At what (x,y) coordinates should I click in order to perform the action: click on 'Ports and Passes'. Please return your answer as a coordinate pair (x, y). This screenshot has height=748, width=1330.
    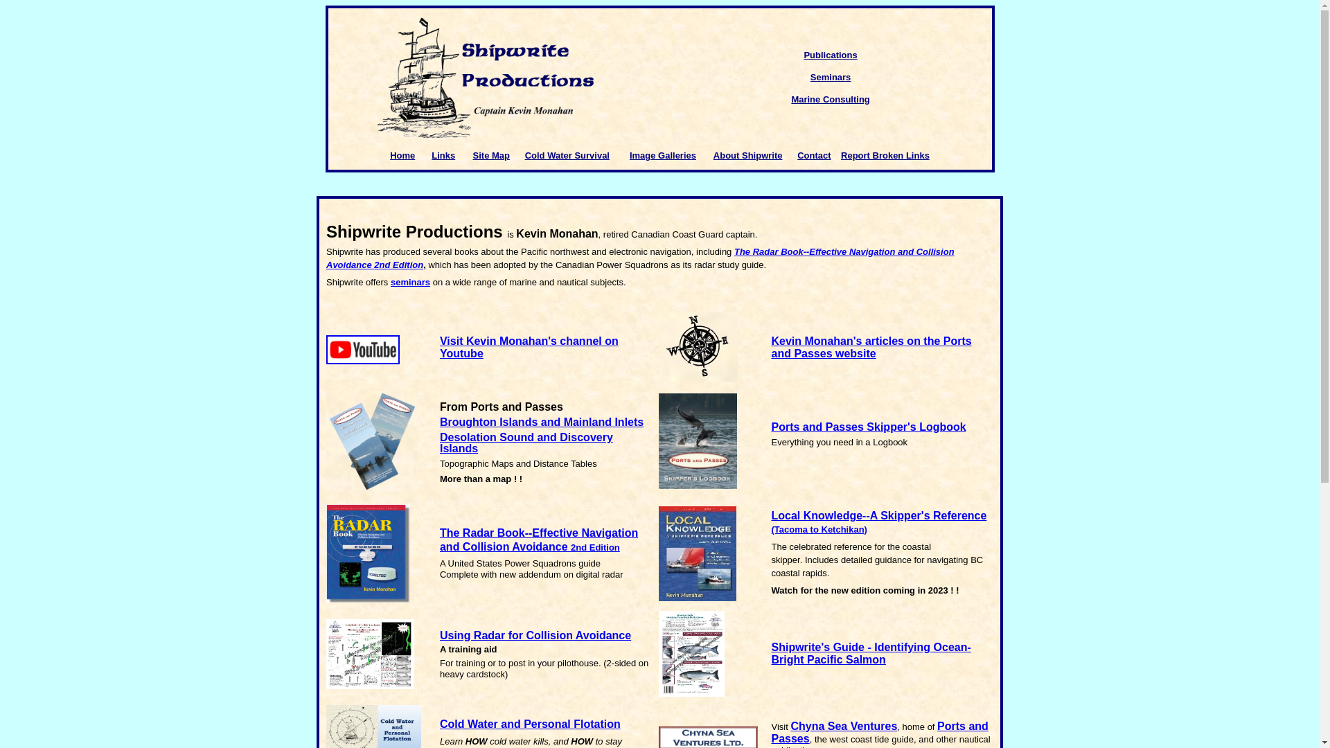
    Looking at the image, I should click on (879, 731).